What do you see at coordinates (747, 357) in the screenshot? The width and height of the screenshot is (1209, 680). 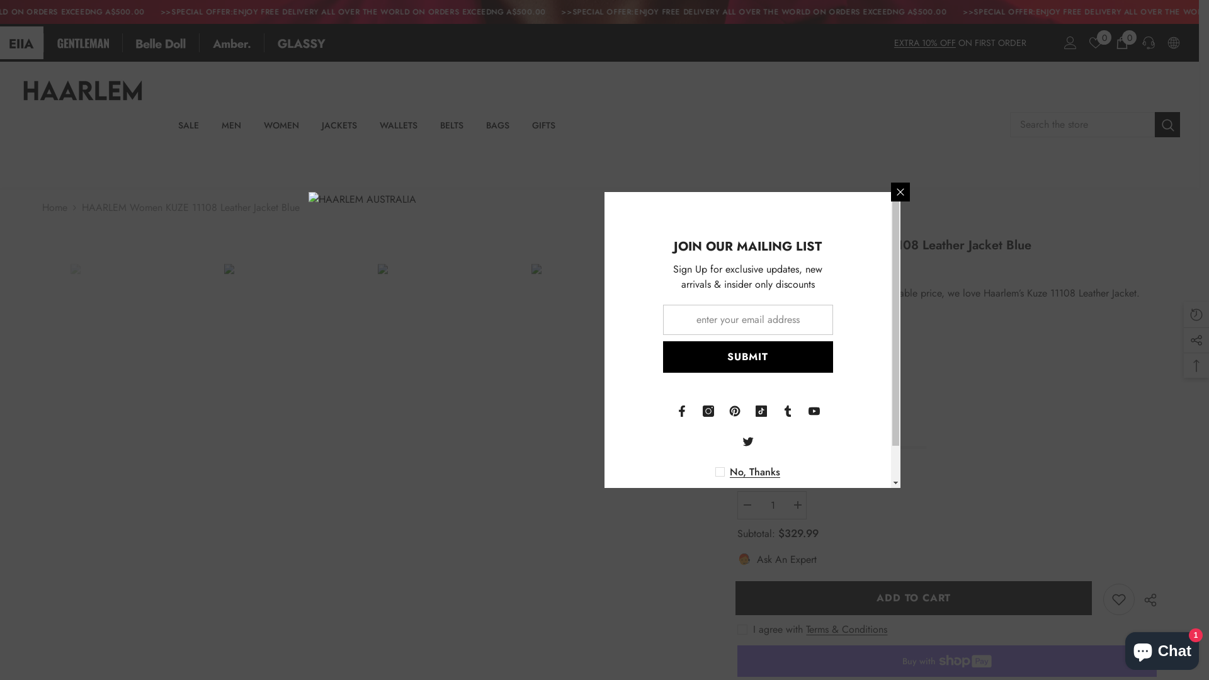 I see `'SUBMIT'` at bounding box center [747, 357].